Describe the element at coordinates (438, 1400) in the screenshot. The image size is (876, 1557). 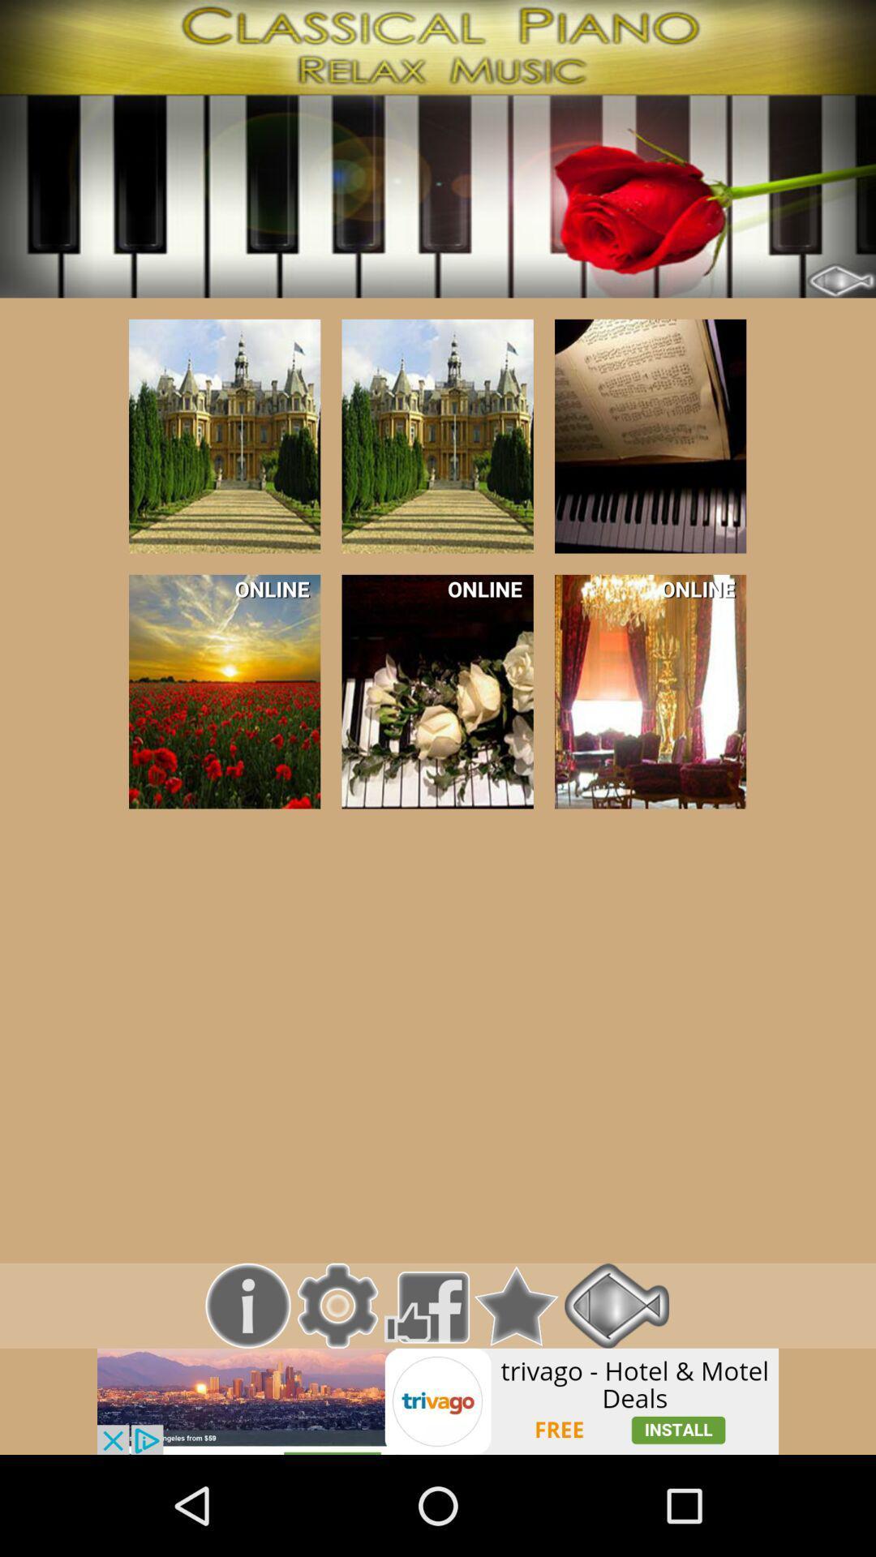
I see `shows hotel motel detail option` at that location.